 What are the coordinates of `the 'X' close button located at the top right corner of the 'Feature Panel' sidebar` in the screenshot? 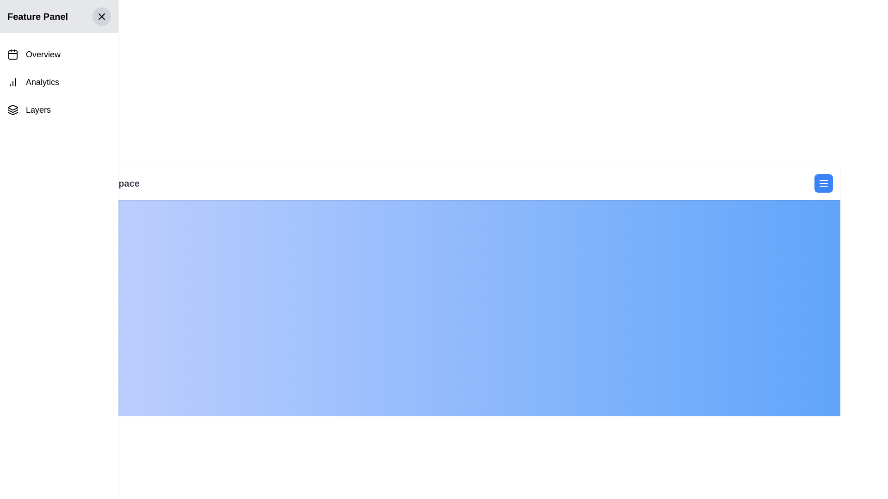 It's located at (102, 16).